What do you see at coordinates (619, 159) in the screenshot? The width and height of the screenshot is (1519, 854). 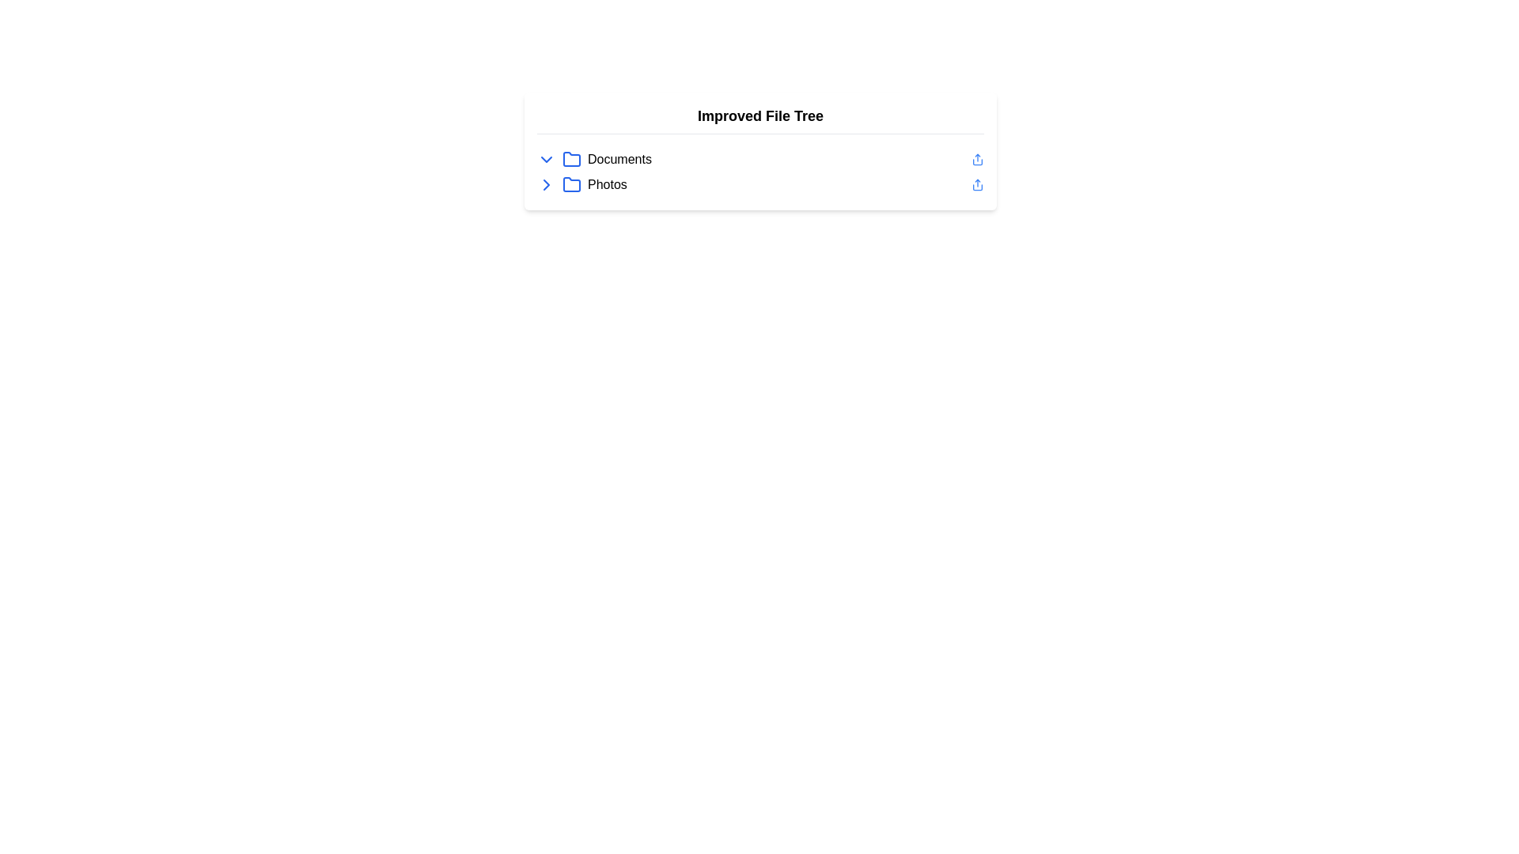 I see `the static text label 'Documents' to trigger tooltips or visual feedback` at bounding box center [619, 159].